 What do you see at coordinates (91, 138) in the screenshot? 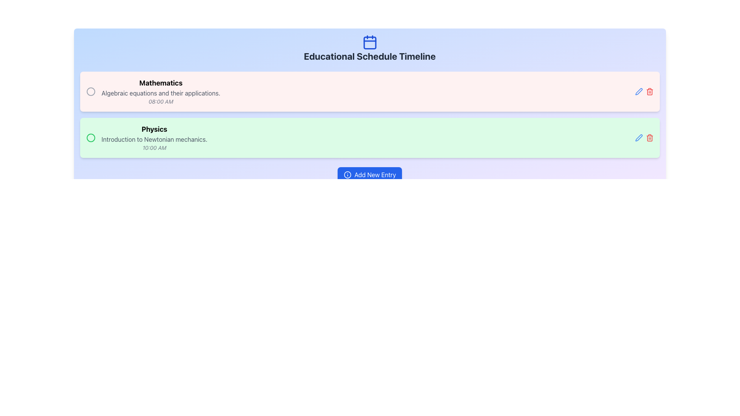
I see `the decorative circular marker on the left side of the 'Physics' schedule entry, which is visually indicated by its circular shape and green background` at bounding box center [91, 138].